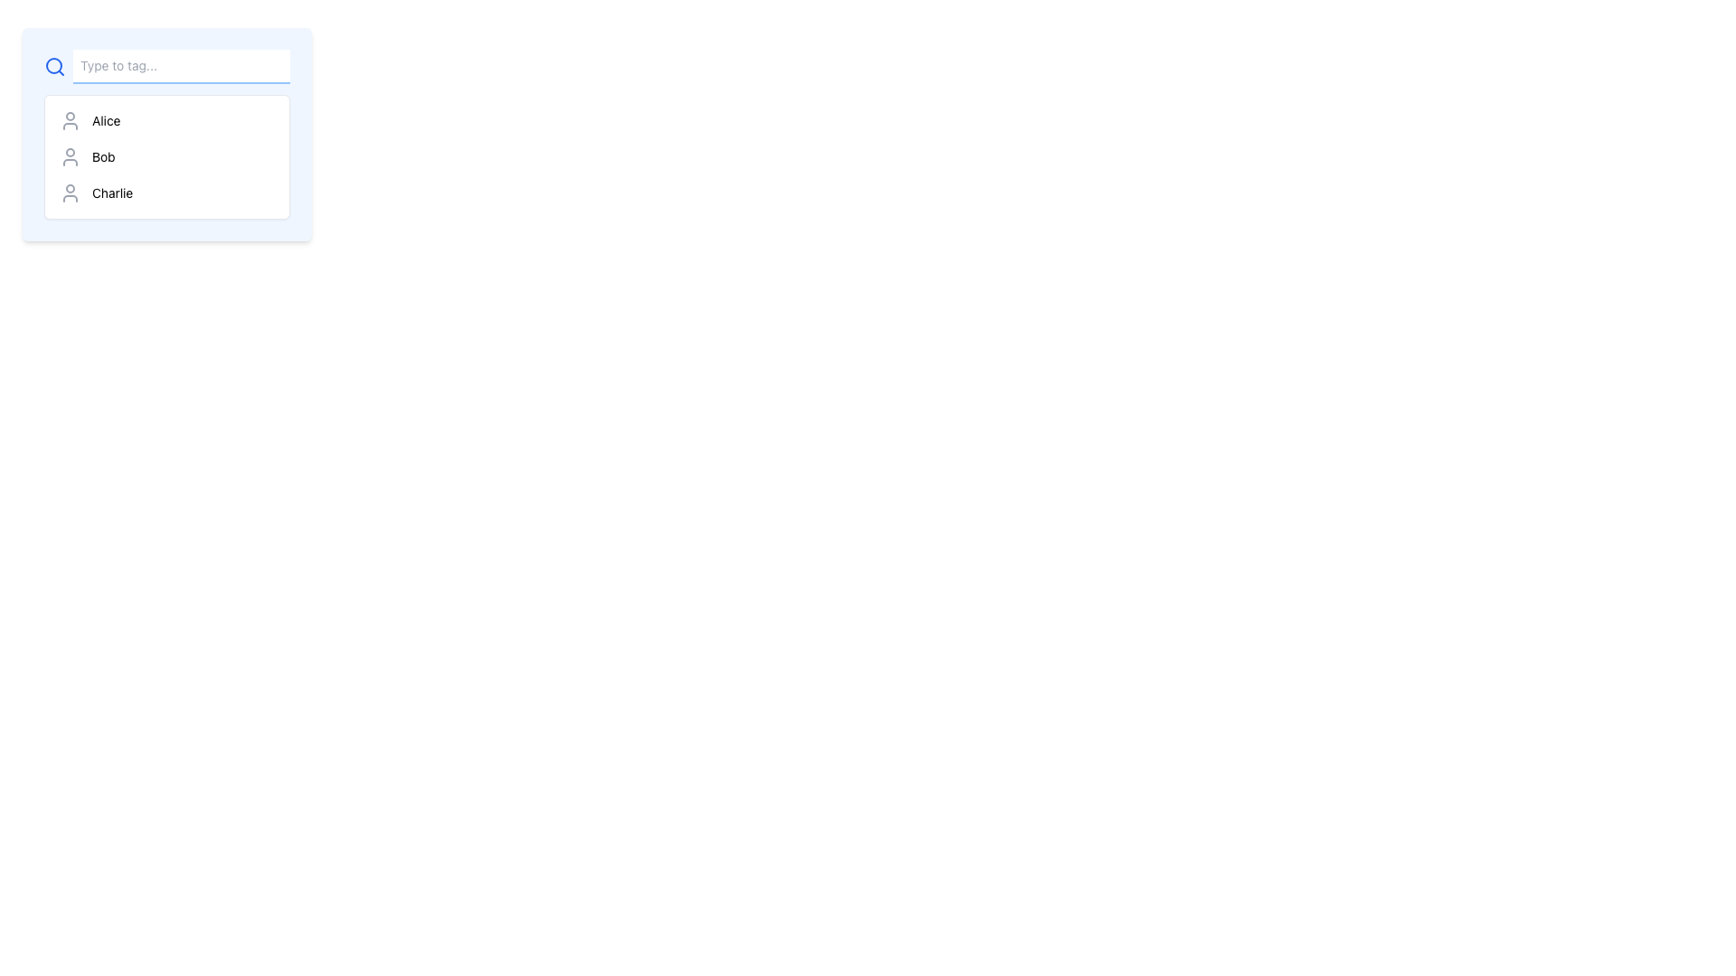  Describe the element at coordinates (167, 155) in the screenshot. I see `the second list item labeled 'Bob' in the dropdown panel` at that location.